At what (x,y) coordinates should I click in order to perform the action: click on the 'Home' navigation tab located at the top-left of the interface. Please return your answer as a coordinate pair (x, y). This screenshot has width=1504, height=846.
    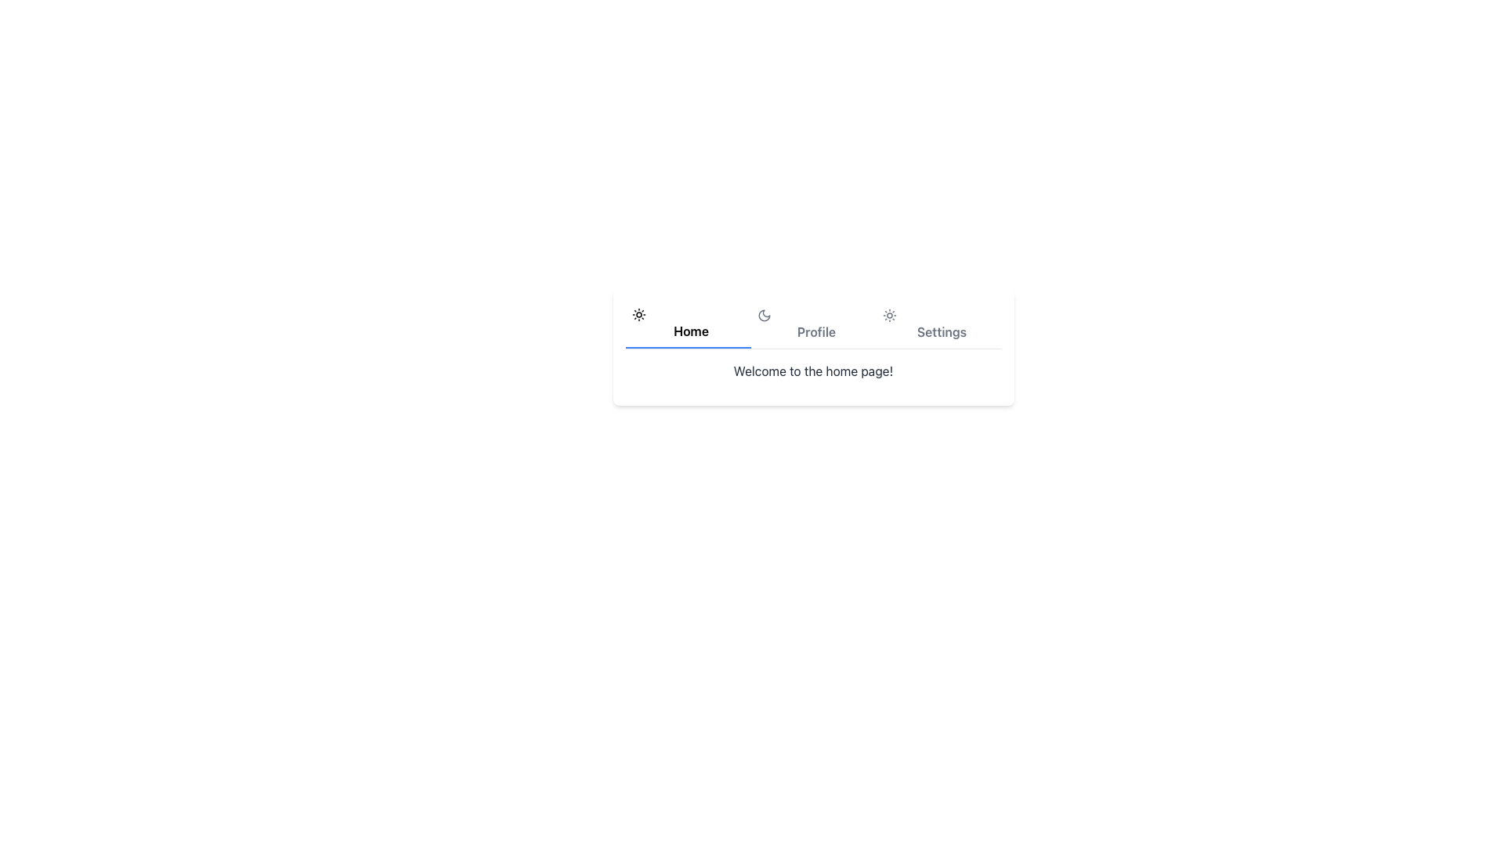
    Looking at the image, I should click on (688, 324).